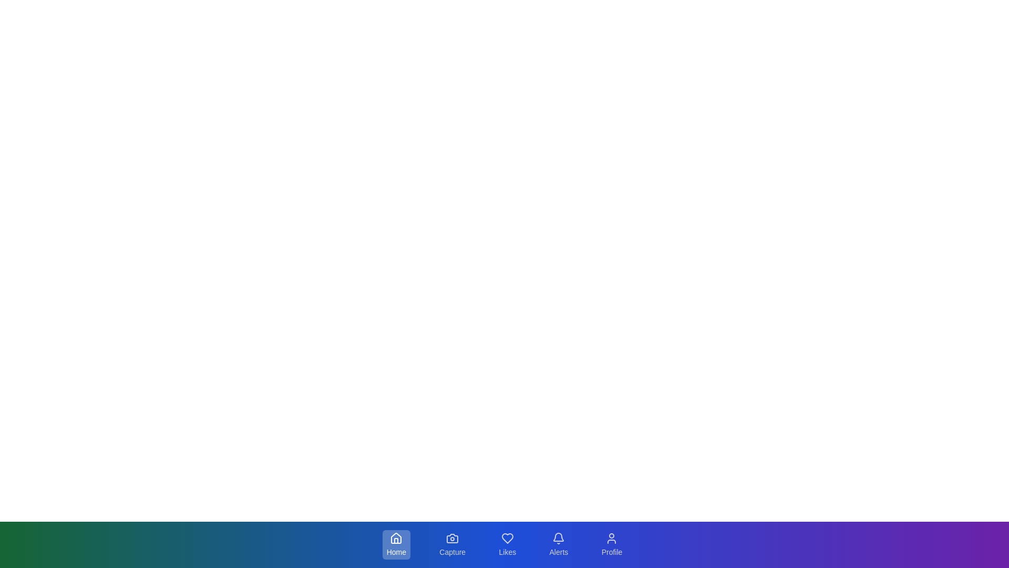 This screenshot has width=1009, height=568. What do you see at coordinates (452, 544) in the screenshot?
I see `the Capture tab in the bottom navigation bar` at bounding box center [452, 544].